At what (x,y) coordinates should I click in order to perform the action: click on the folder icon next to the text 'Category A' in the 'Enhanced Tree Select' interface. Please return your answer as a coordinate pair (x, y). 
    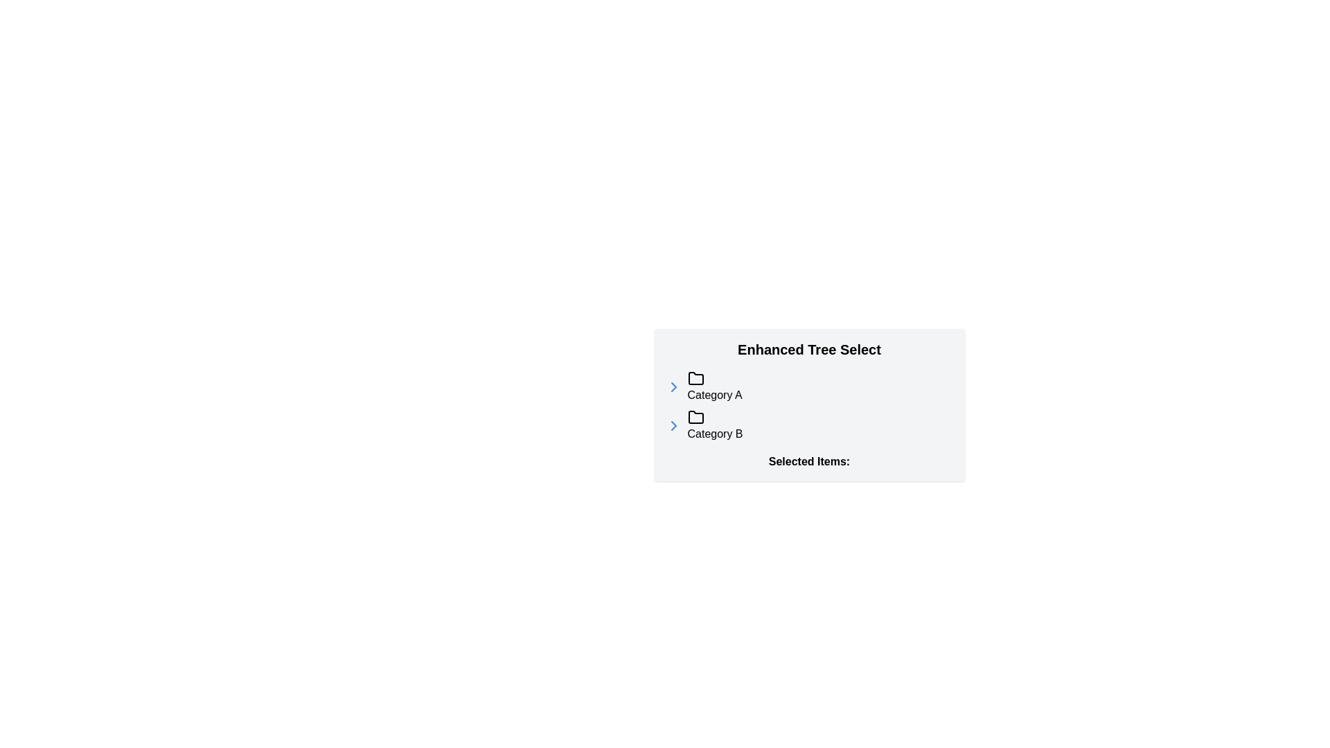
    Looking at the image, I should click on (695, 379).